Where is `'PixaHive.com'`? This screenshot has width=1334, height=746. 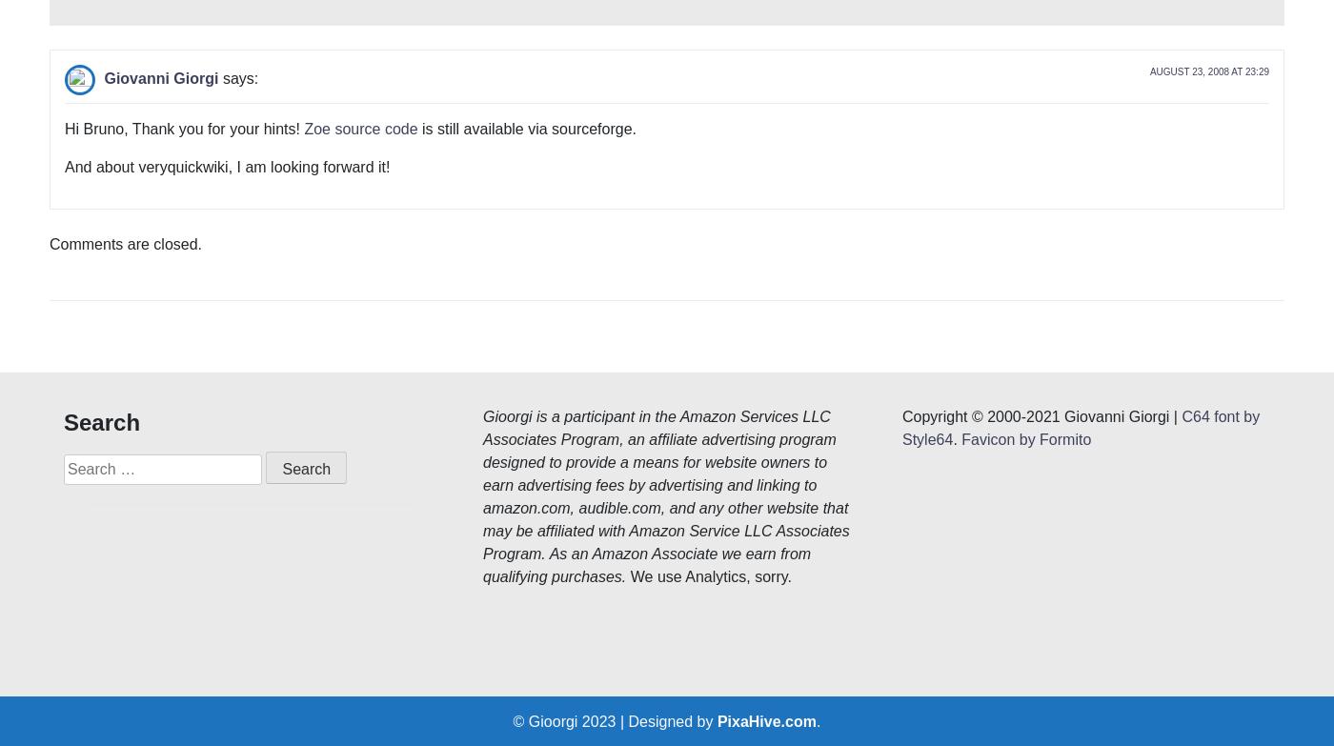 'PixaHive.com' is located at coordinates (766, 435).